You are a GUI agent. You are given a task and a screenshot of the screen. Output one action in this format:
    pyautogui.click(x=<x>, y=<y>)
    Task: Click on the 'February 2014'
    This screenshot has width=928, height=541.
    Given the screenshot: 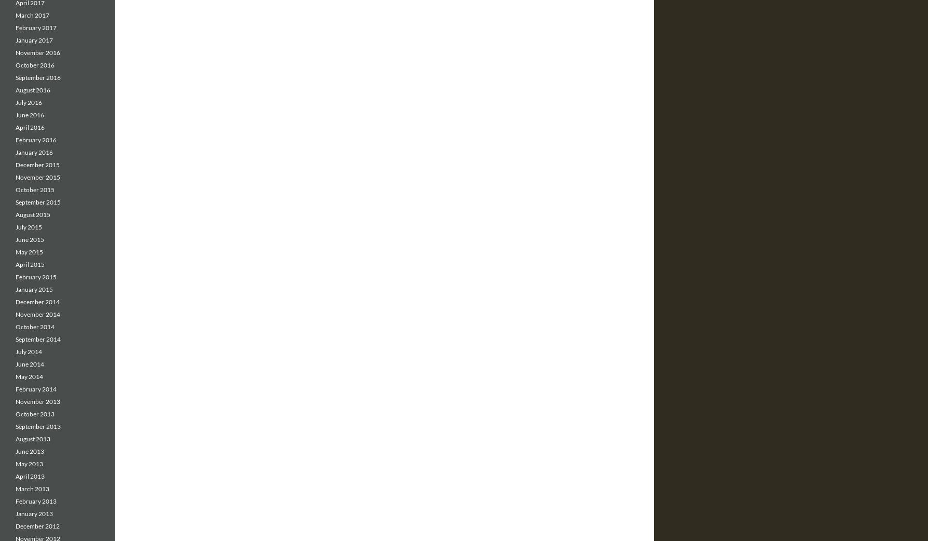 What is the action you would take?
    pyautogui.click(x=36, y=388)
    